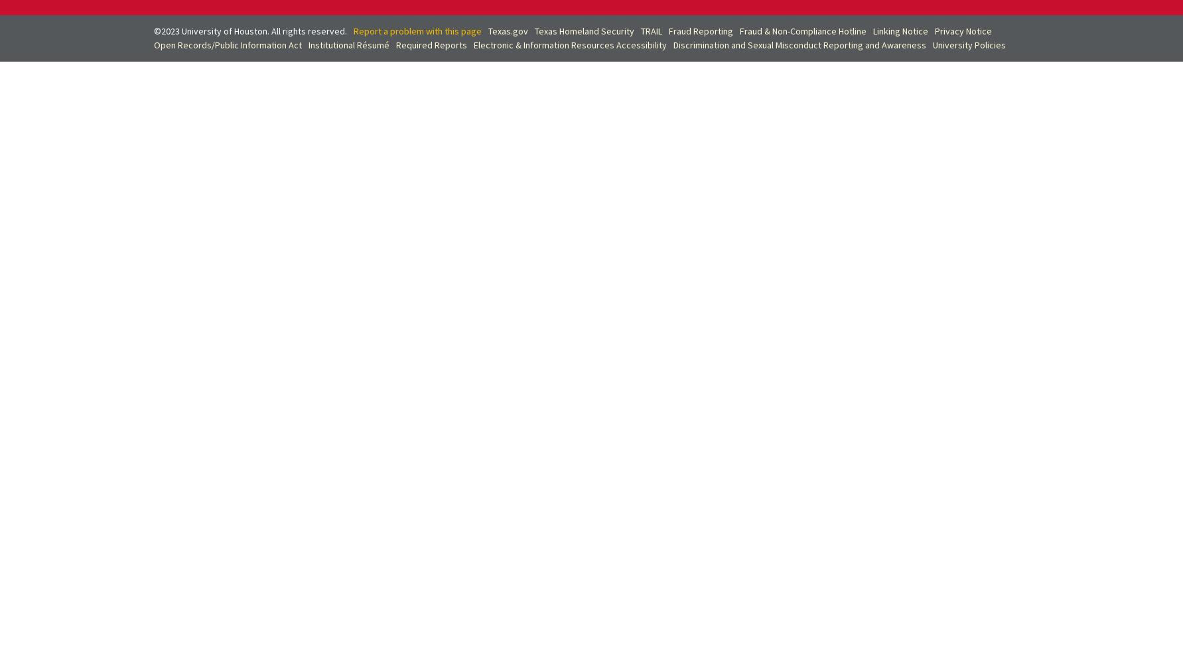 The height and width of the screenshot is (663, 1183). What do you see at coordinates (347, 44) in the screenshot?
I see `'Institutional Résumé'` at bounding box center [347, 44].